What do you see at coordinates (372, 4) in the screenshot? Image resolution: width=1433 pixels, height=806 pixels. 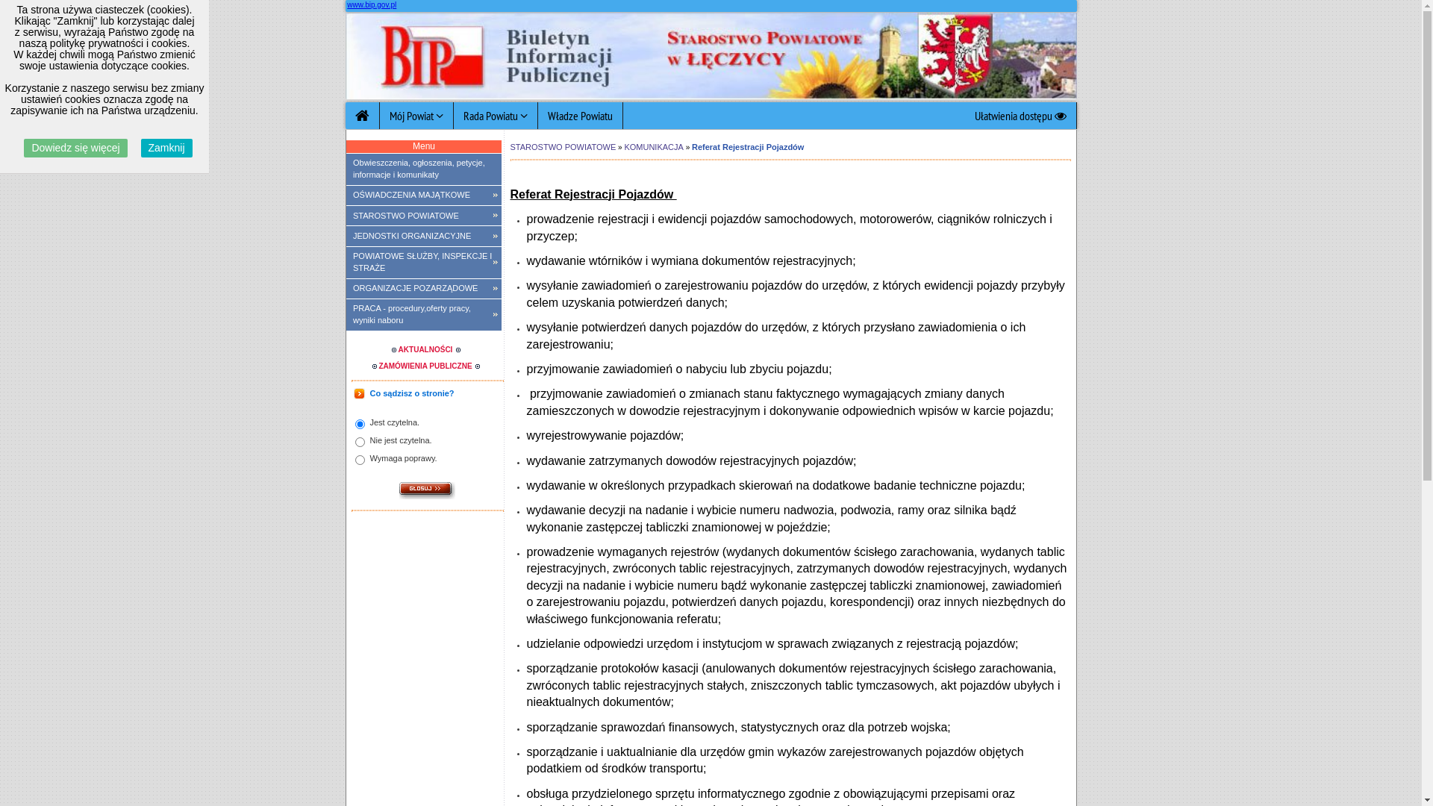 I see `'www.bip.gov.pl'` at bounding box center [372, 4].